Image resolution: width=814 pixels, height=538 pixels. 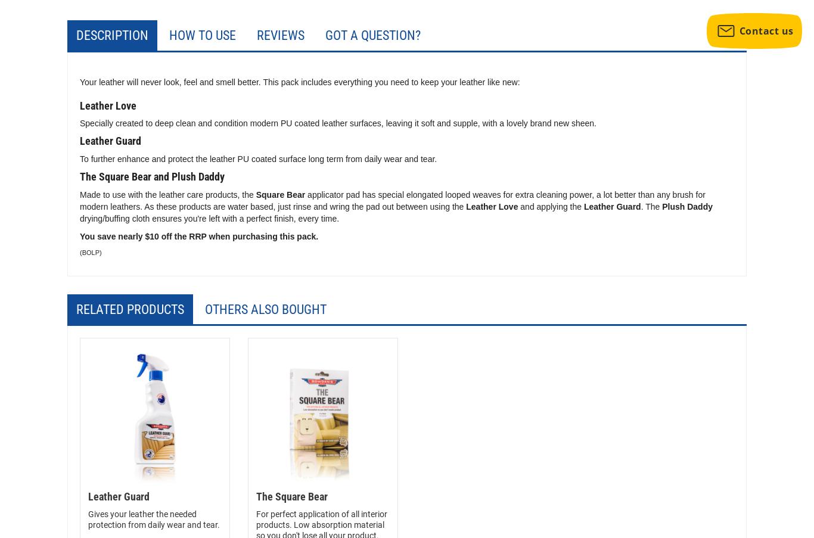 What do you see at coordinates (75, 35) in the screenshot?
I see `'Description'` at bounding box center [75, 35].